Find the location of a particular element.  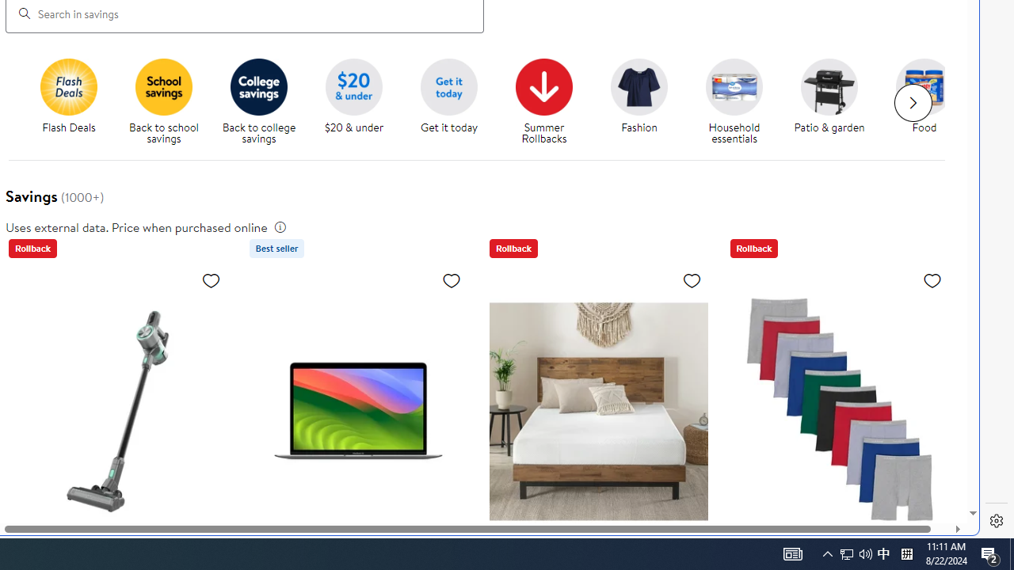

'Summer Rollbacks Summer Rollbacks' is located at coordinates (543, 102).